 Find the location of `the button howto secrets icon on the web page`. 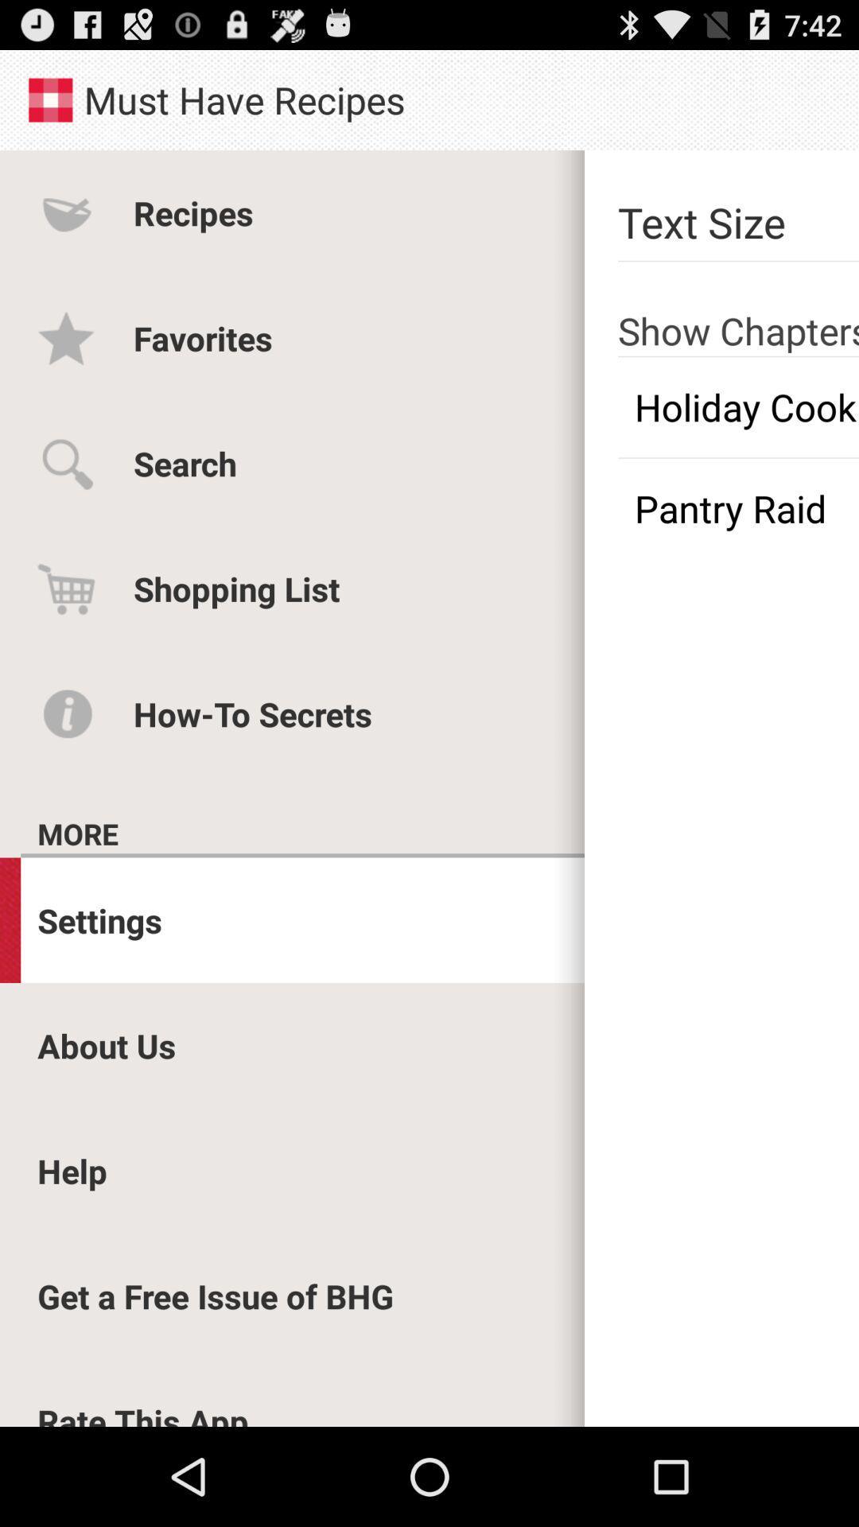

the button howto secrets icon on the web page is located at coordinates (66, 713).